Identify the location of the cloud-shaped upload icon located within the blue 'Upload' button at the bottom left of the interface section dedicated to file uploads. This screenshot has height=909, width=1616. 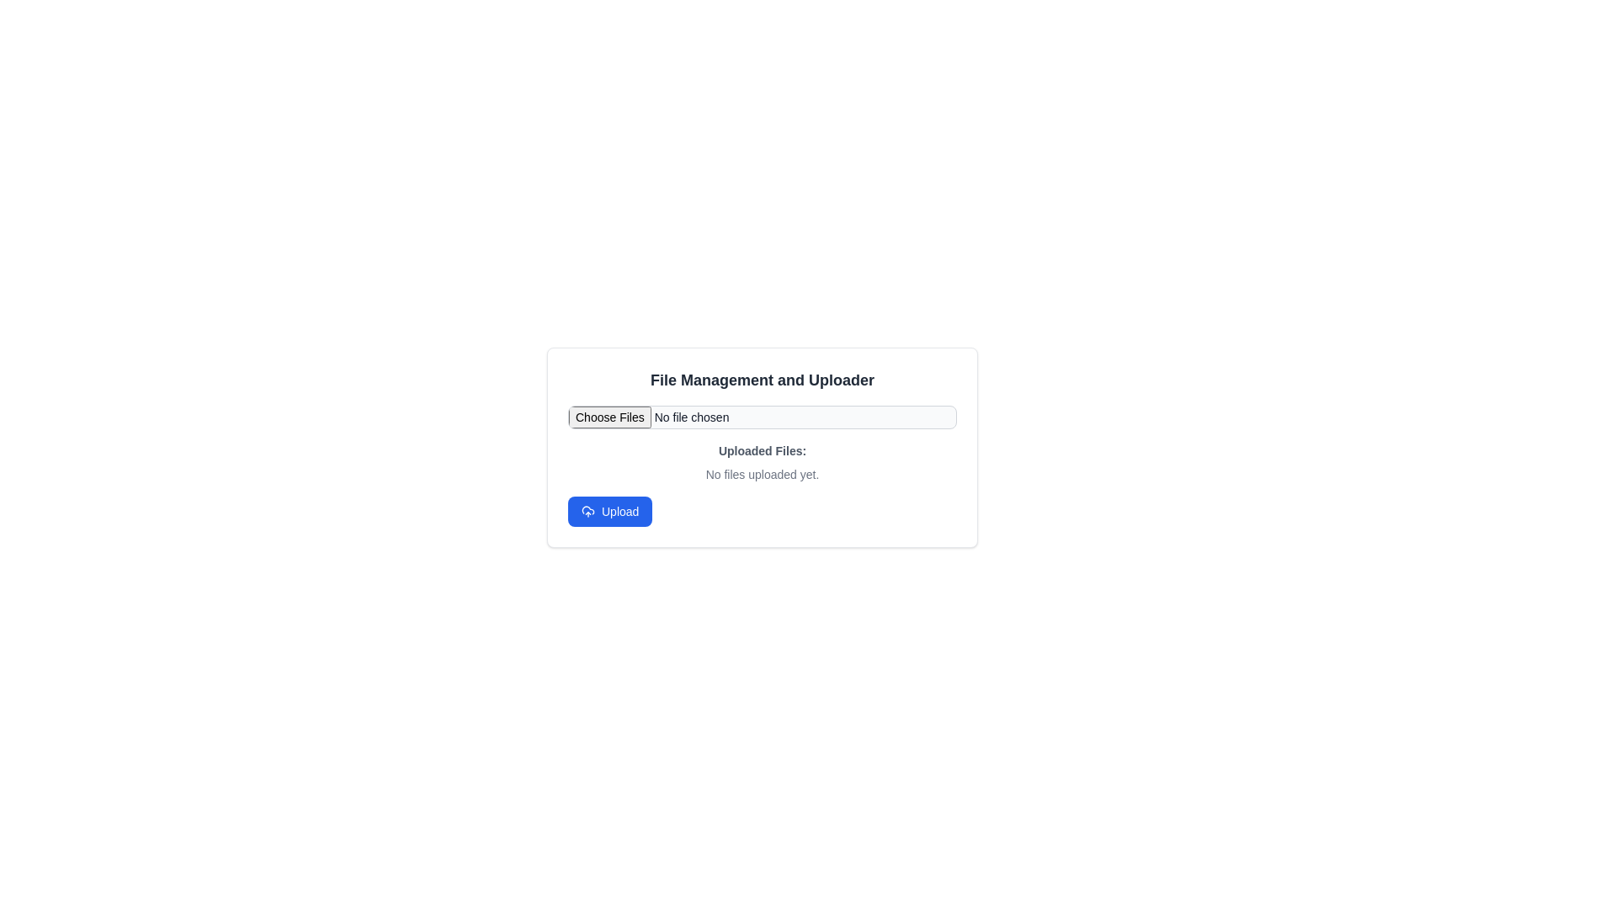
(588, 511).